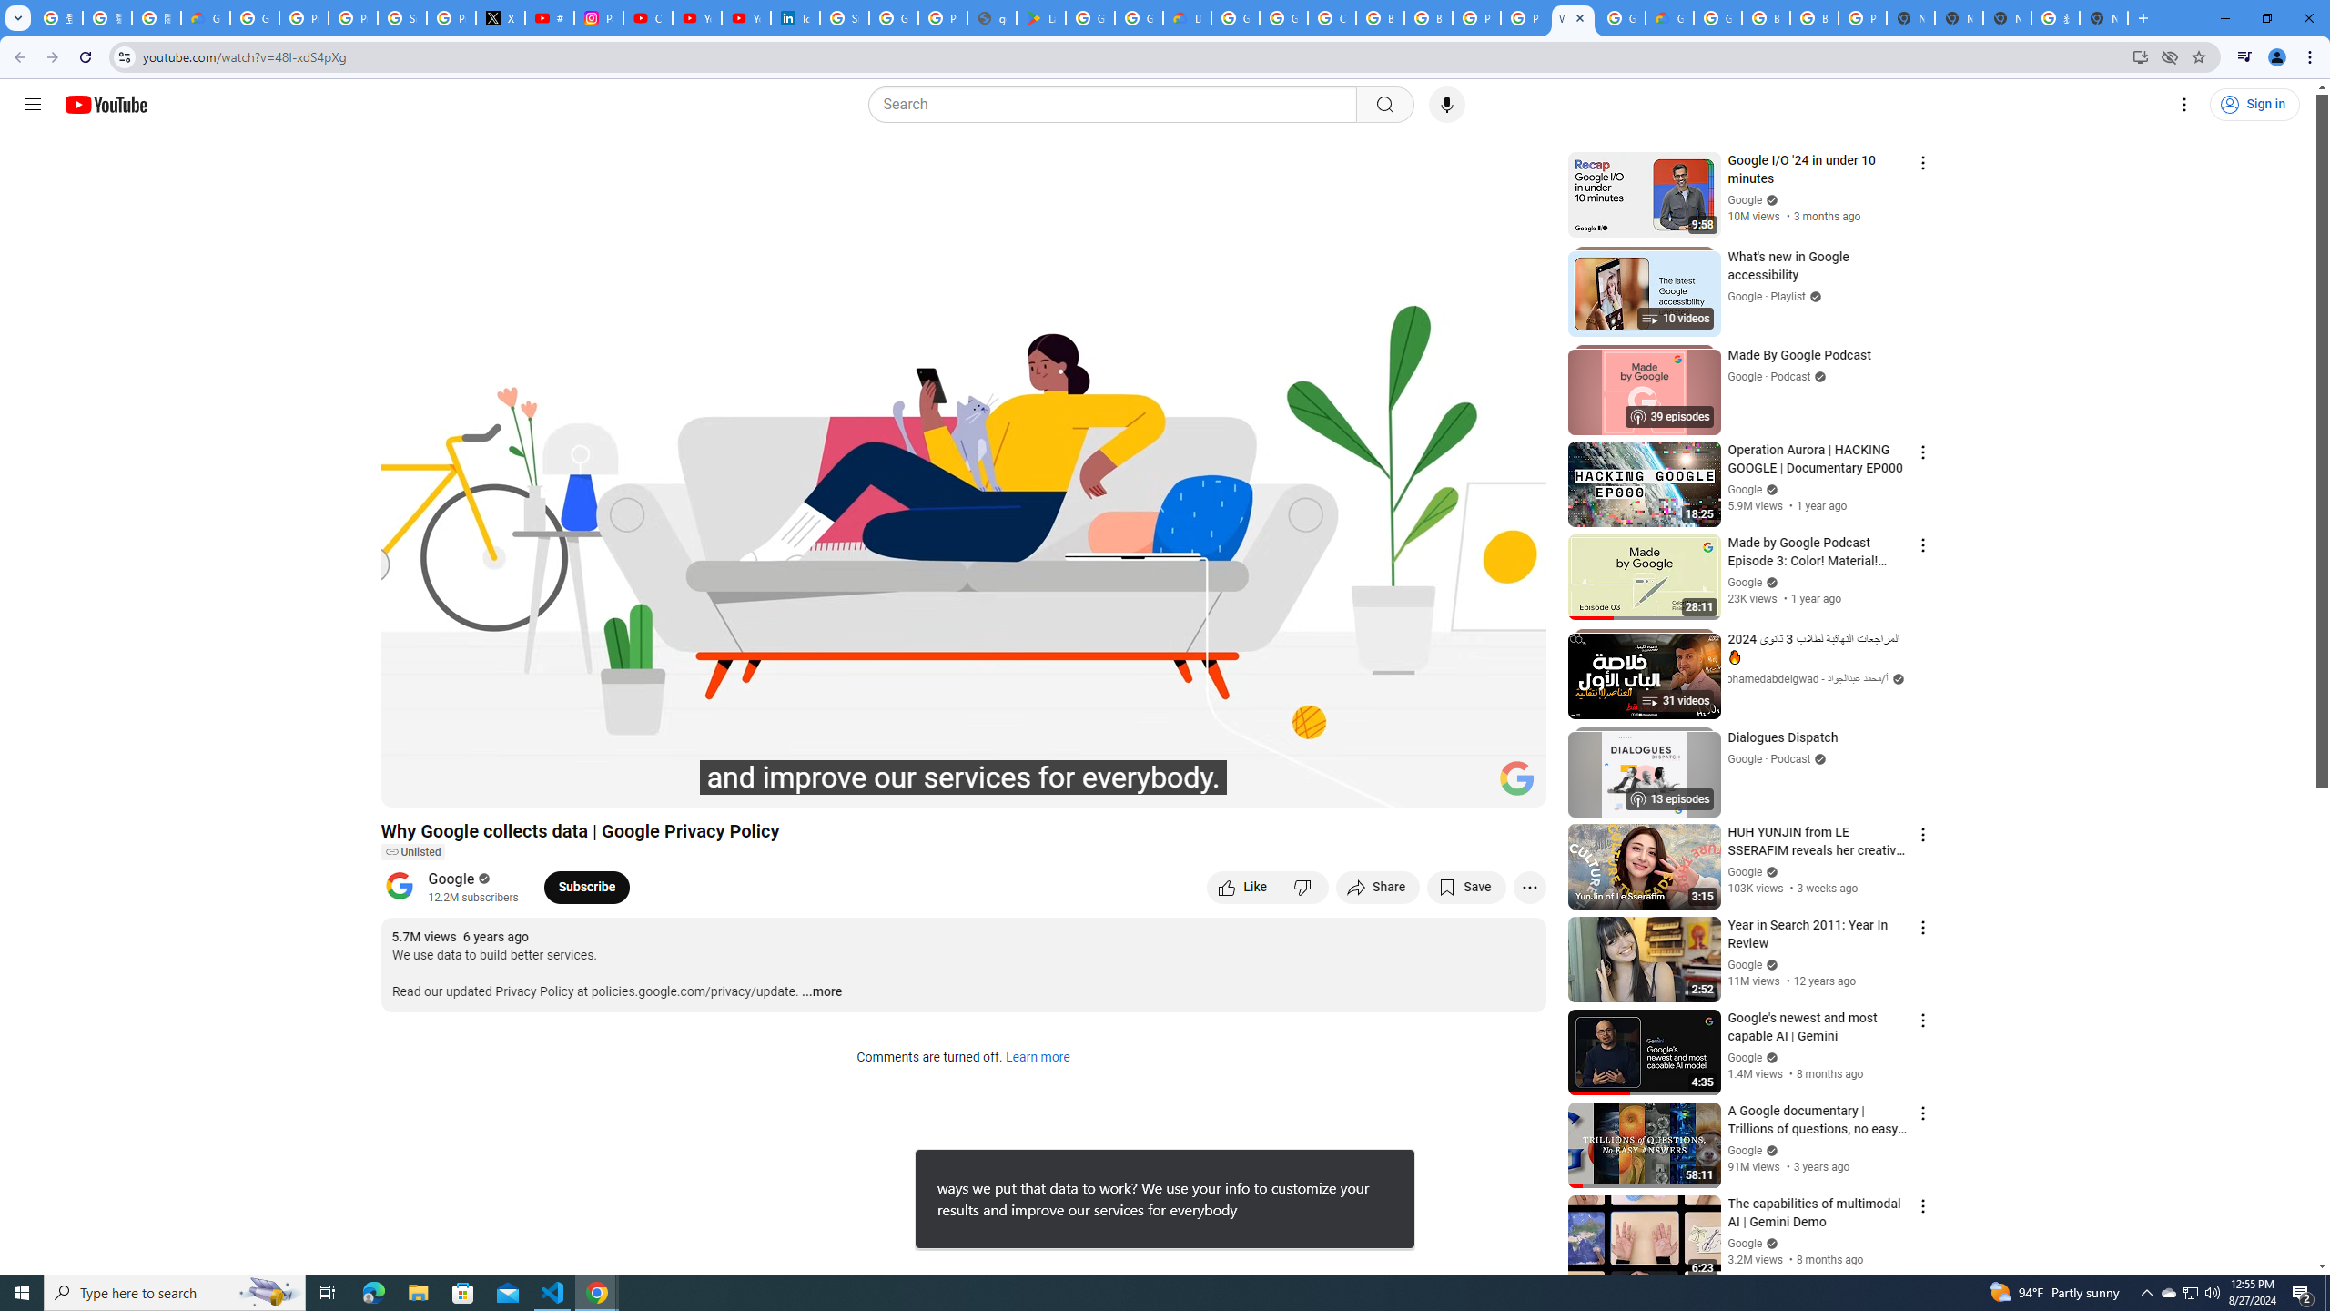  I want to click on 'Seek slider', so click(962, 761).